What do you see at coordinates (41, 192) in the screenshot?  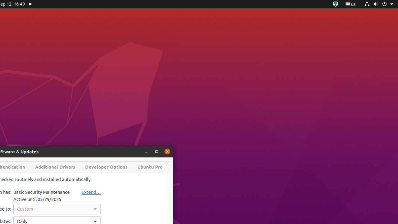 I see `'Basic Security Maintenance'` at bounding box center [41, 192].